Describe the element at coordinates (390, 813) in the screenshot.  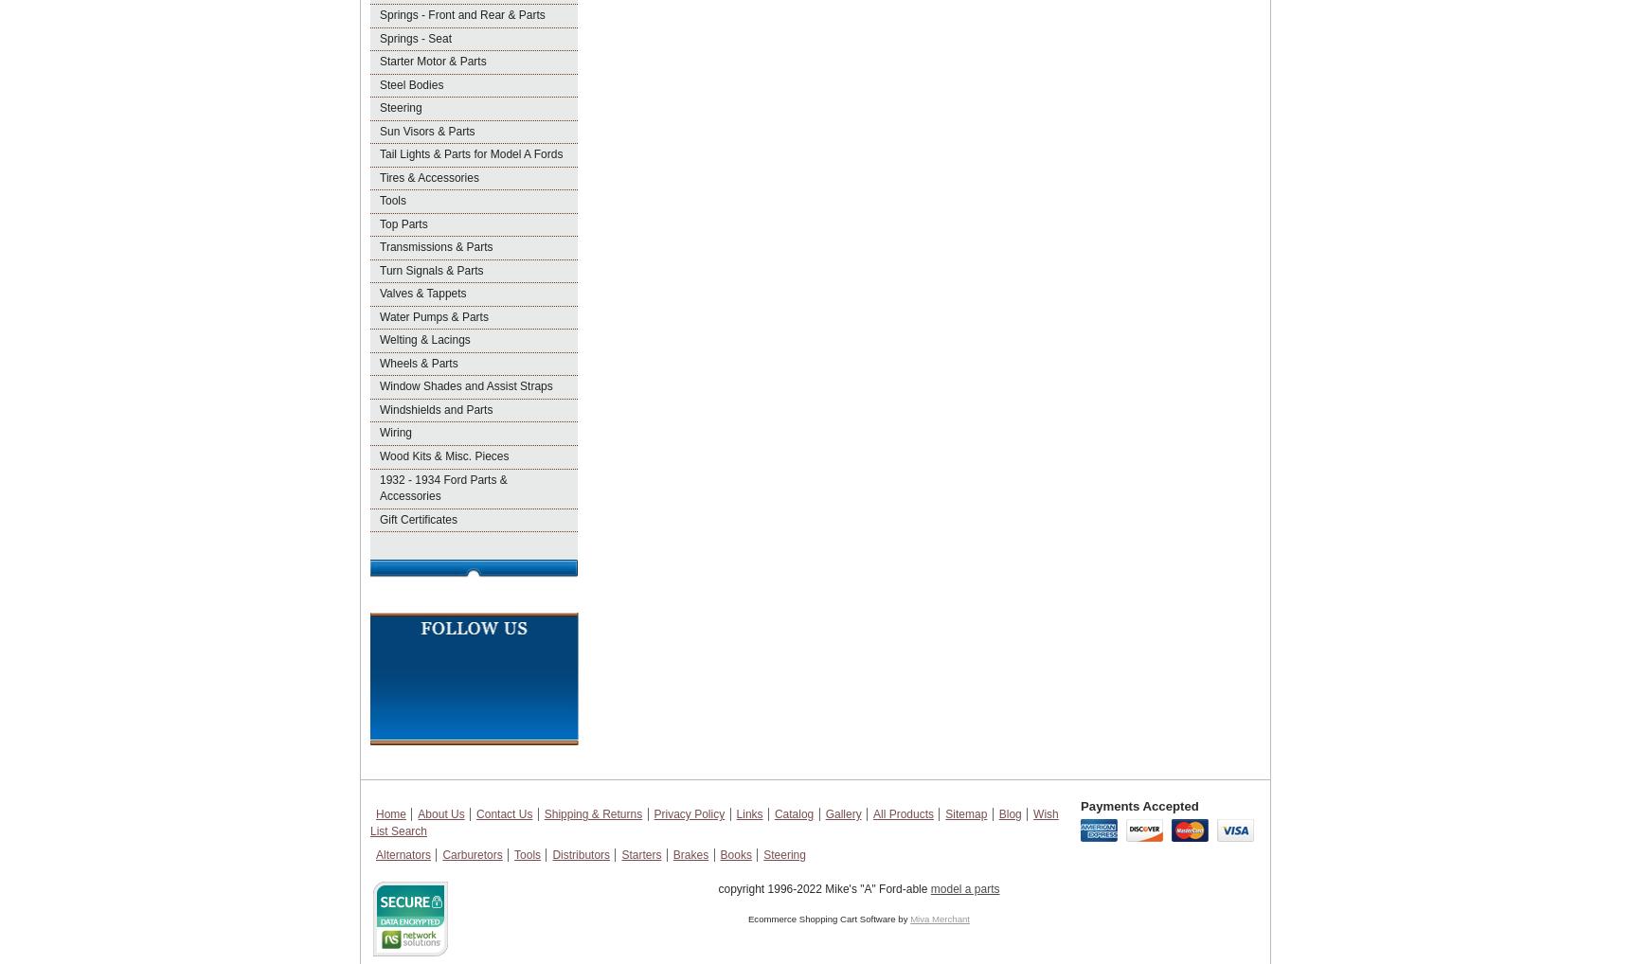
I see `'Home'` at that location.